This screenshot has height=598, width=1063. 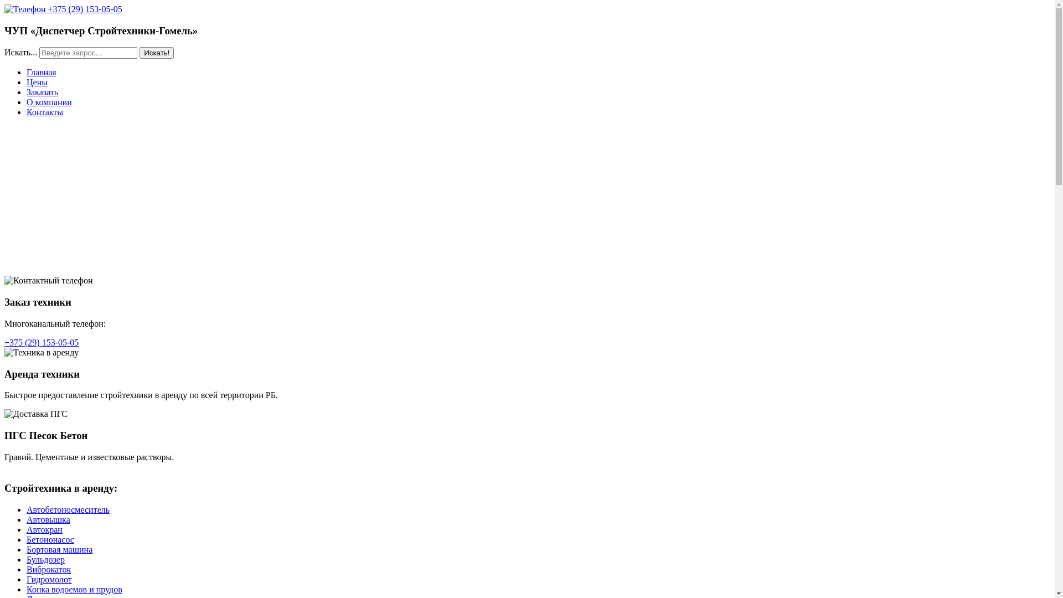 What do you see at coordinates (42, 342) in the screenshot?
I see `'+375 (29) 153-05-05'` at bounding box center [42, 342].